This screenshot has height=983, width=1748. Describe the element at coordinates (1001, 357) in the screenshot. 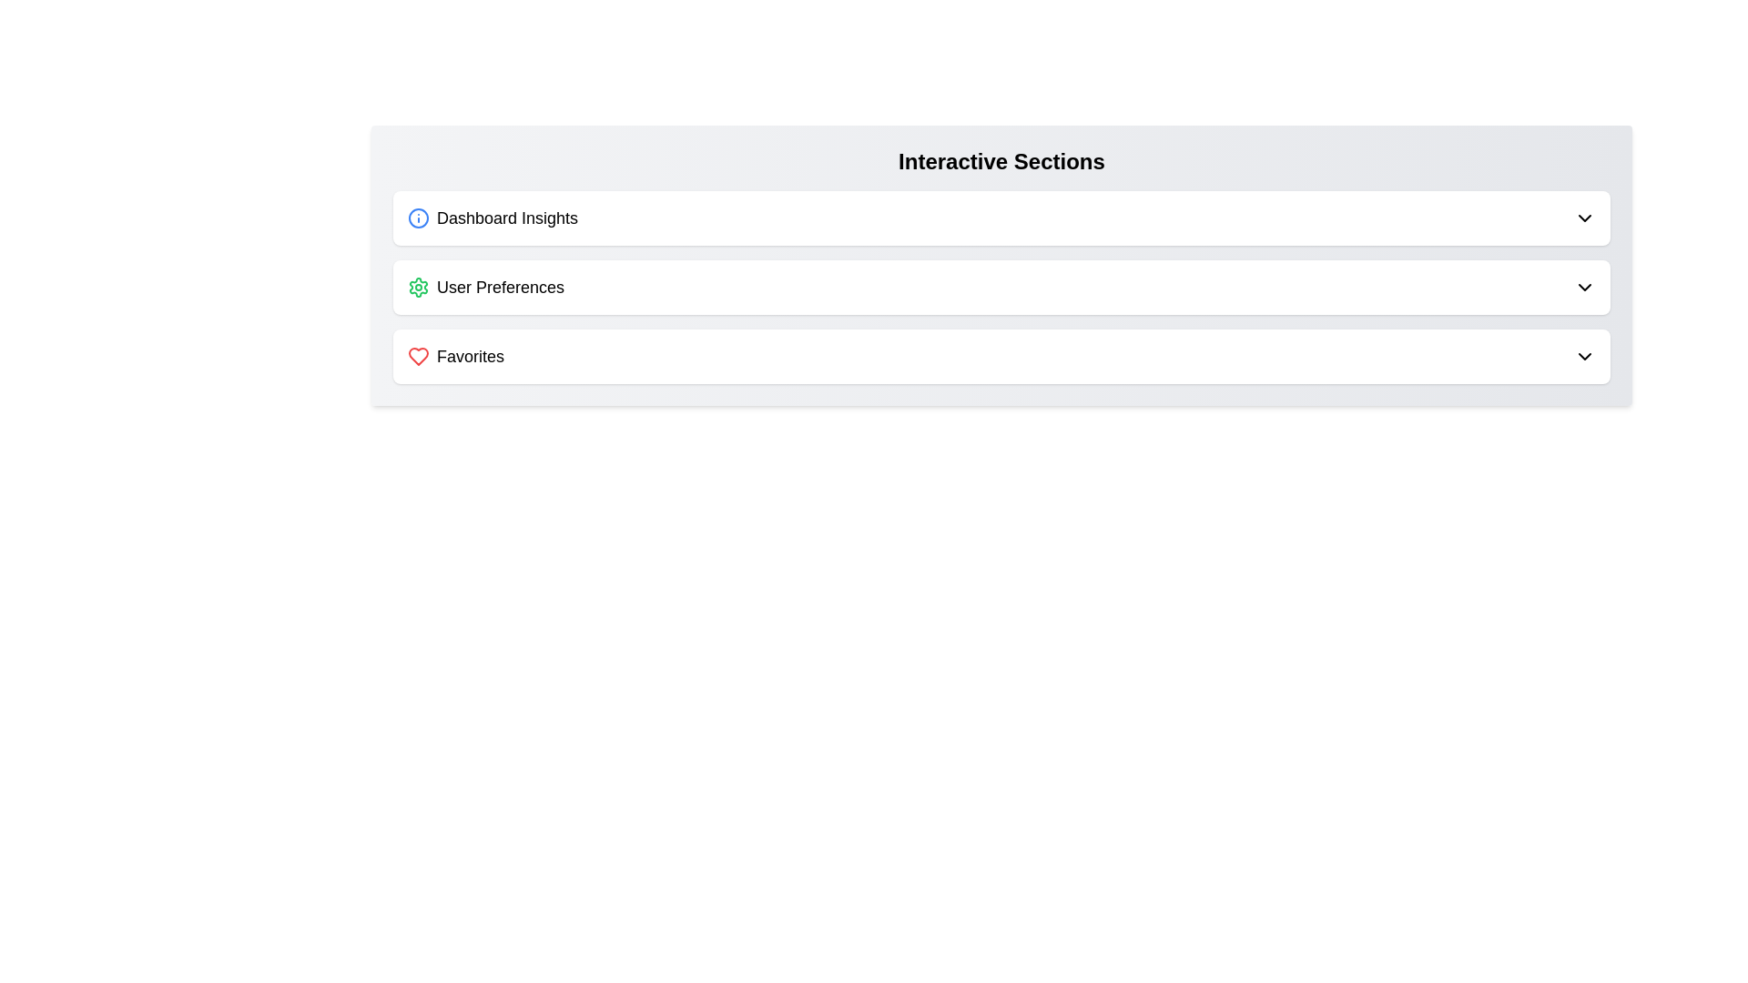

I see `the 'Favorites' collapsible section header, which features a red heart icon and a downward-pointing chevron` at that location.